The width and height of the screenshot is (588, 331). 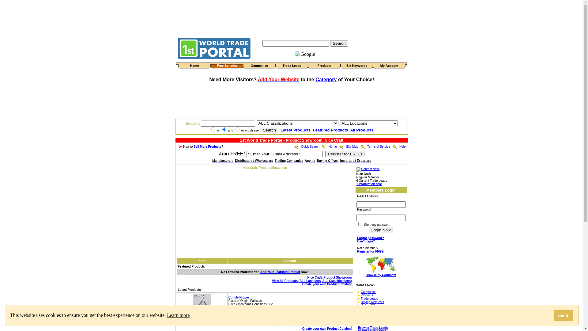 I want to click on 'Search', so click(x=339, y=43).